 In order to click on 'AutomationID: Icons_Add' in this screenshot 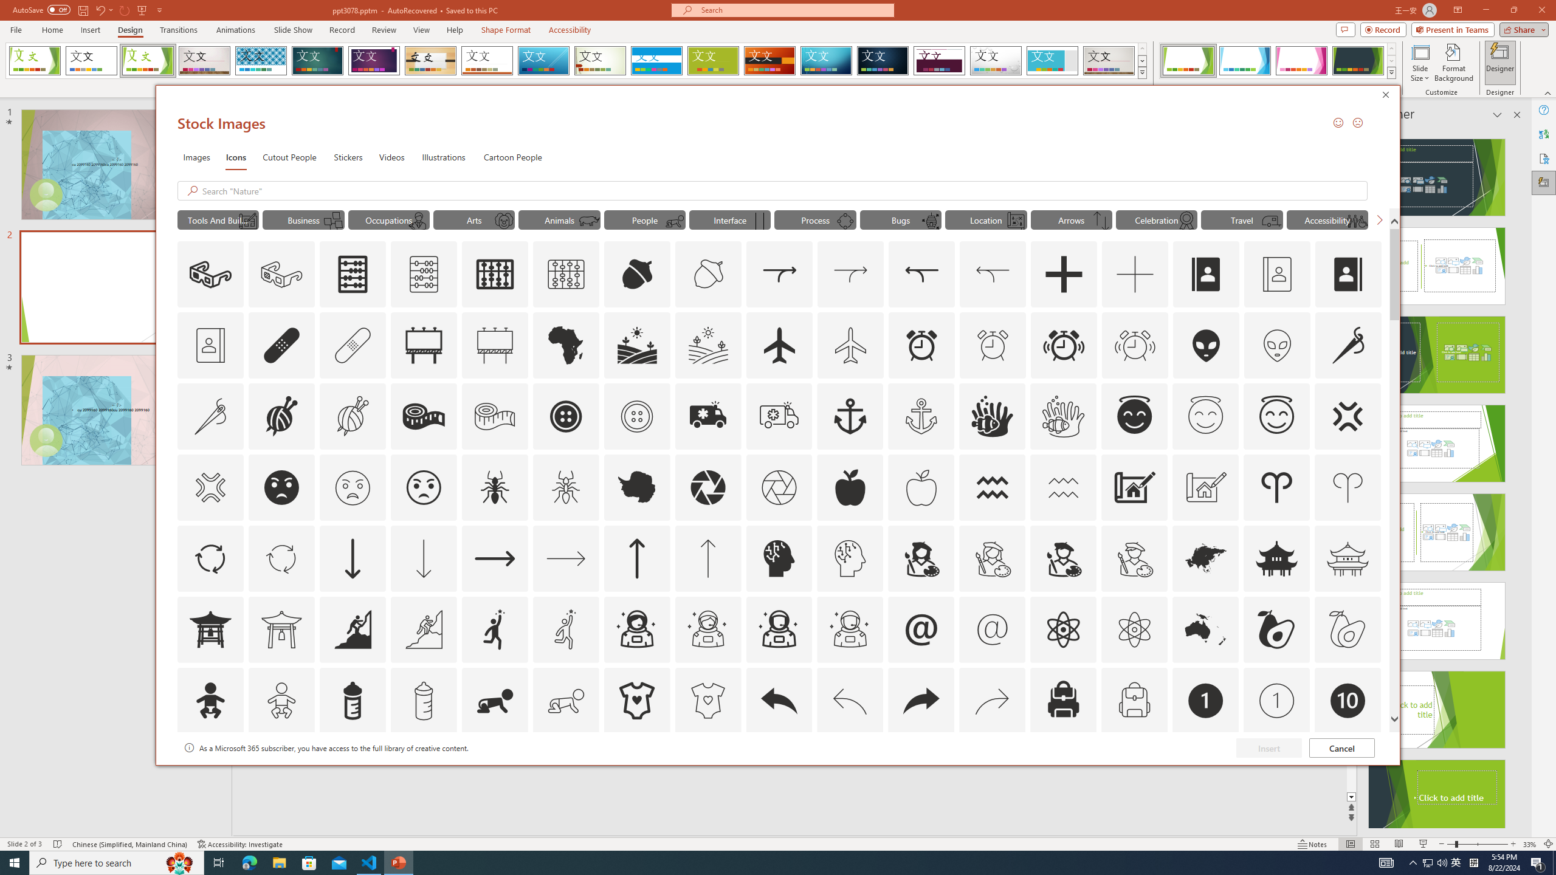, I will do `click(1064, 274)`.